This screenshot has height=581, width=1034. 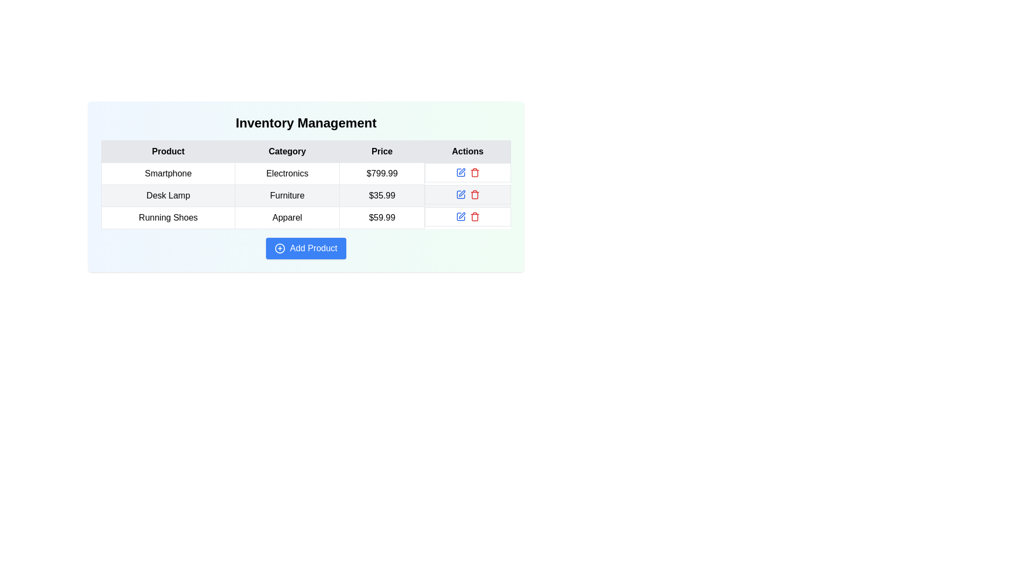 What do you see at coordinates (287, 195) in the screenshot?
I see `the 'Furniture' text label in the second entry under the 'Category' column of the table` at bounding box center [287, 195].